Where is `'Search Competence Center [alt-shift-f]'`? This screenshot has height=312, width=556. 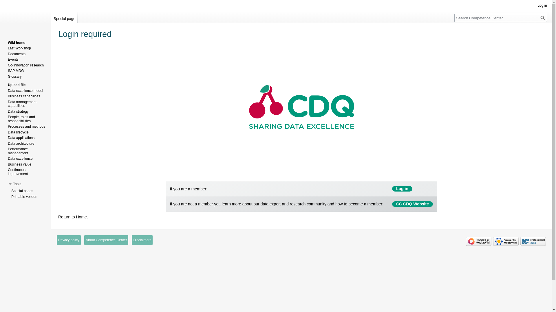
'Search Competence Center [alt-shift-f]' is located at coordinates (454, 17).